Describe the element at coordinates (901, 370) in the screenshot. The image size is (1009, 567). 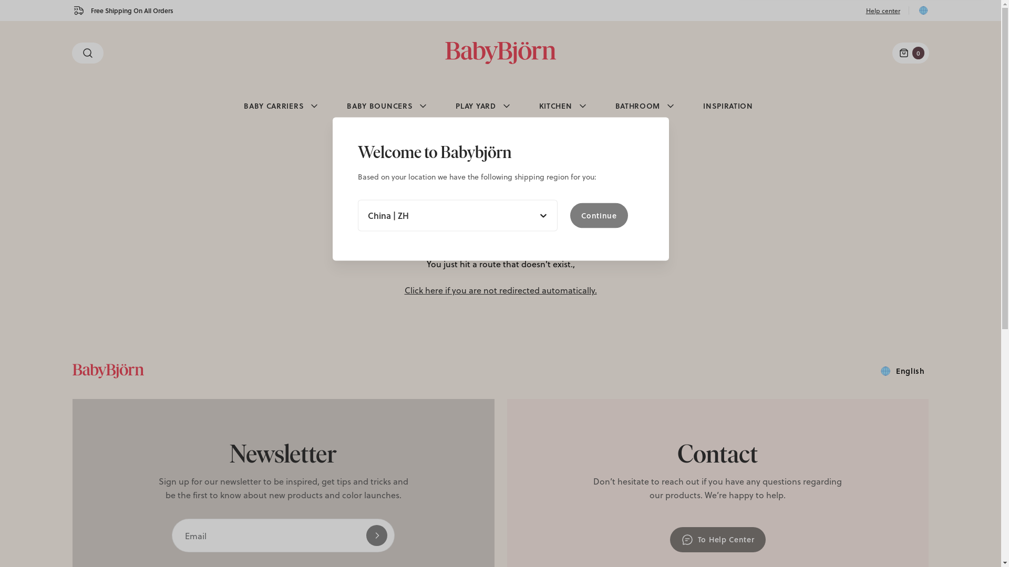
I see `'English'` at that location.